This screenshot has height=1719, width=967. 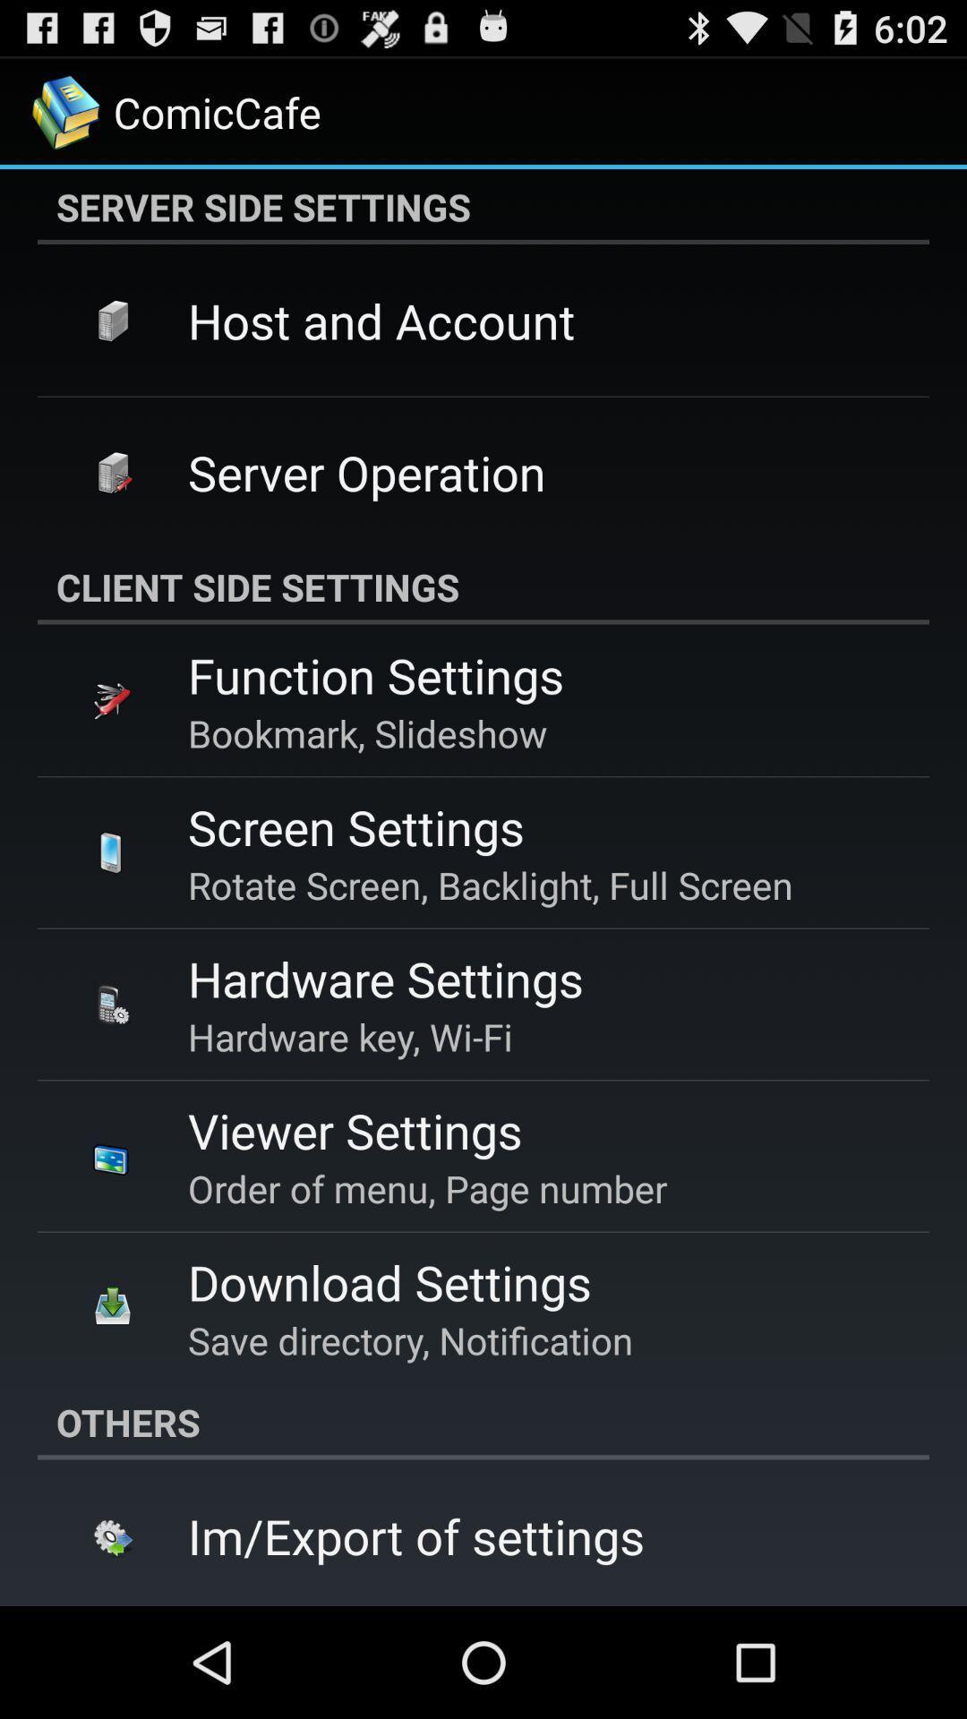 What do you see at coordinates (375, 674) in the screenshot?
I see `function settings item` at bounding box center [375, 674].